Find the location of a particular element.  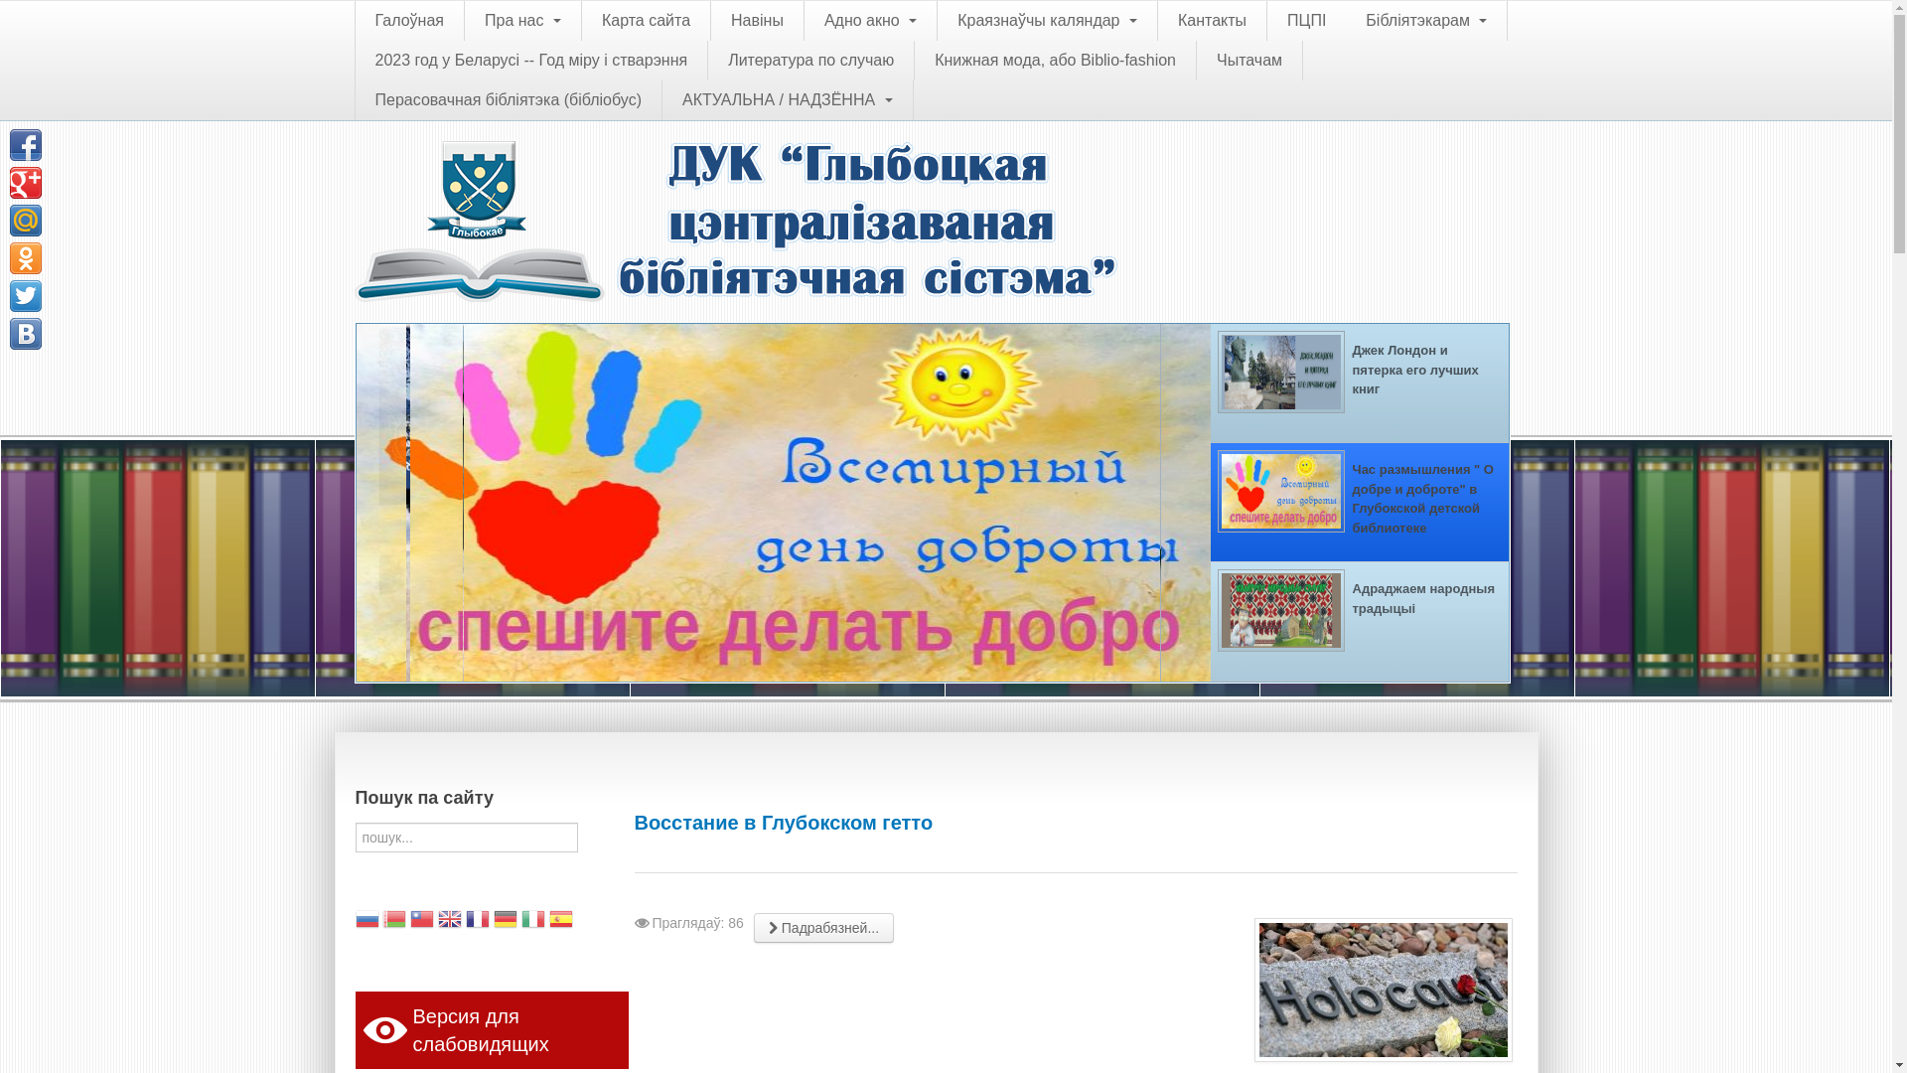

'Chinese (Traditional)' is located at coordinates (408, 921).